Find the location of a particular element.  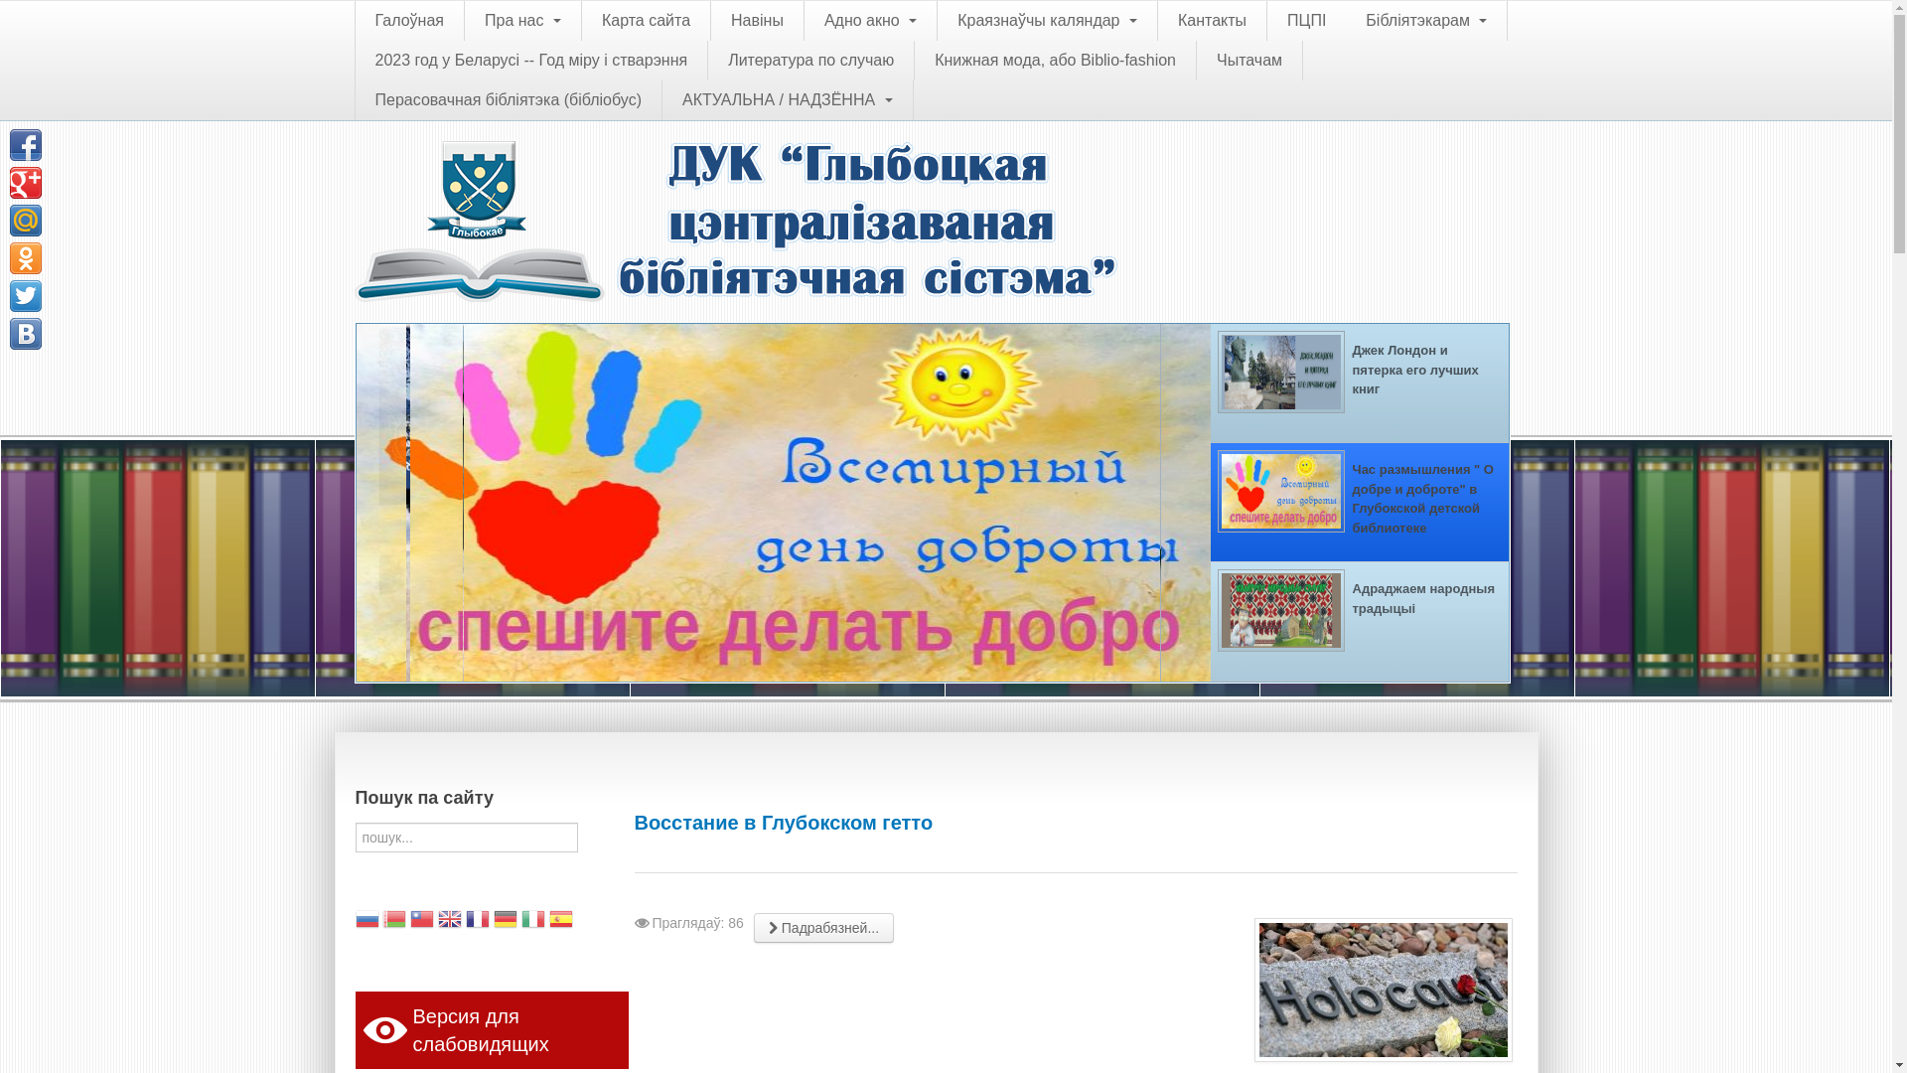

'Chinese (Traditional)' is located at coordinates (408, 921).